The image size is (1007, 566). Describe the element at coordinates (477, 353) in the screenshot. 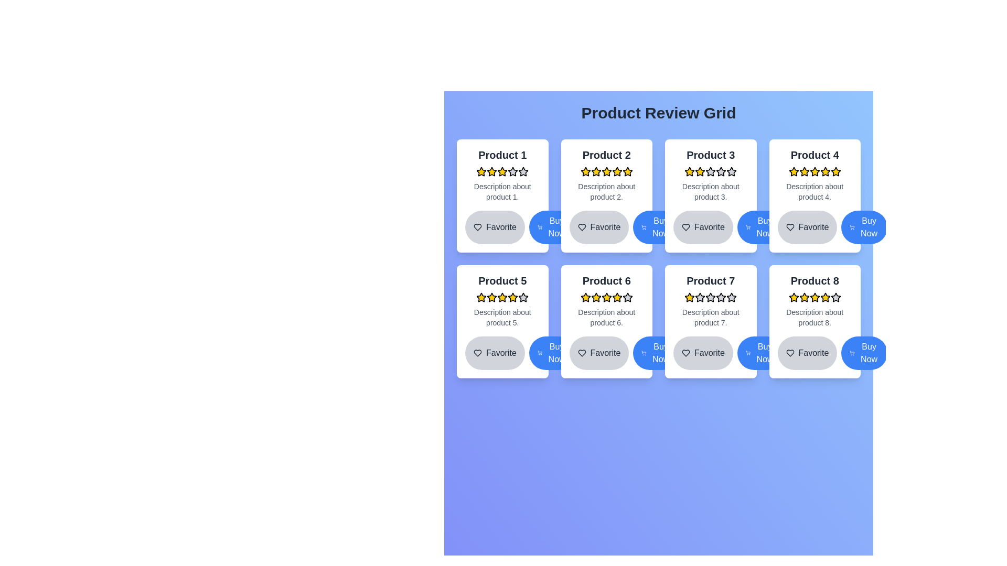

I see `the heart-shaped outline icon in the 'Favorite' button located at the bottom left of the product card for 'Product 5' to favorite the associated product` at that location.